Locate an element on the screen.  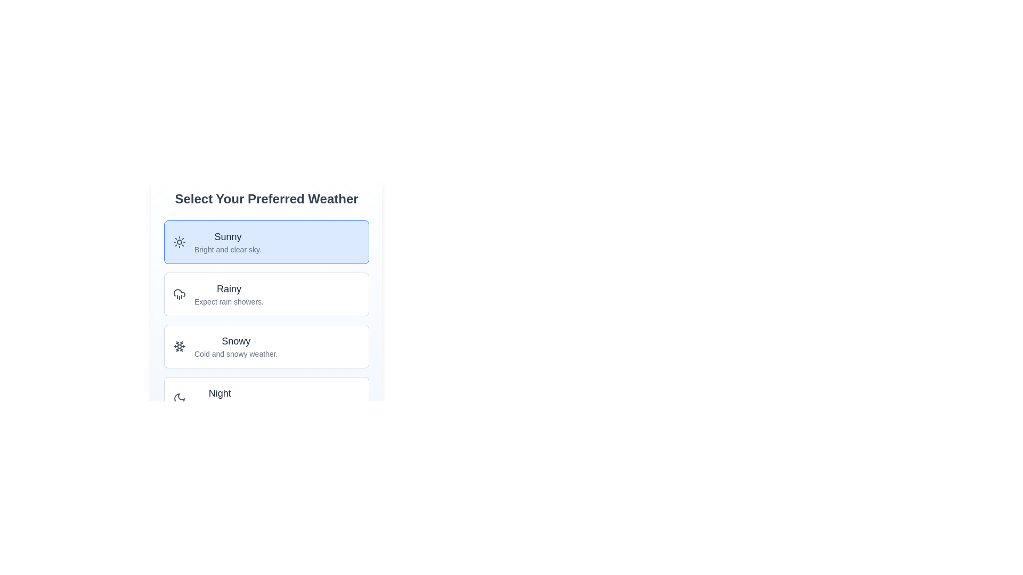
the crescent moon icon associated with the 'Night' label, located at the bottom of the weather options list is located at coordinates (179, 398).